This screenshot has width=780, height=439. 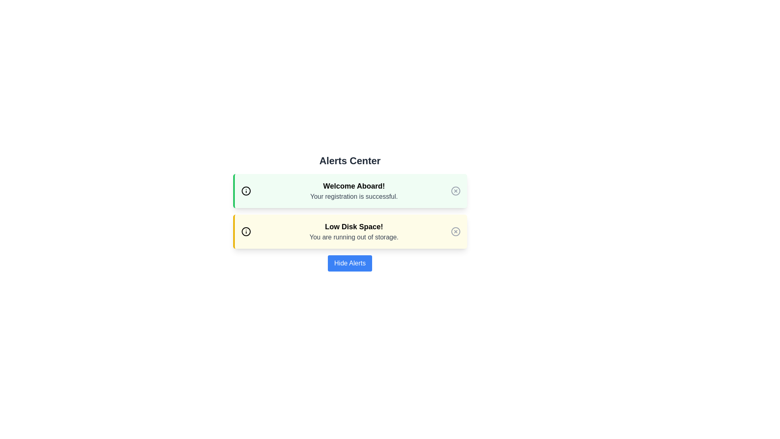 I want to click on the notification banner that informs the user about low disk space, which is the second message component in the alerts list, positioned below the 'Welcome Aboard!' message, so click(x=354, y=232).